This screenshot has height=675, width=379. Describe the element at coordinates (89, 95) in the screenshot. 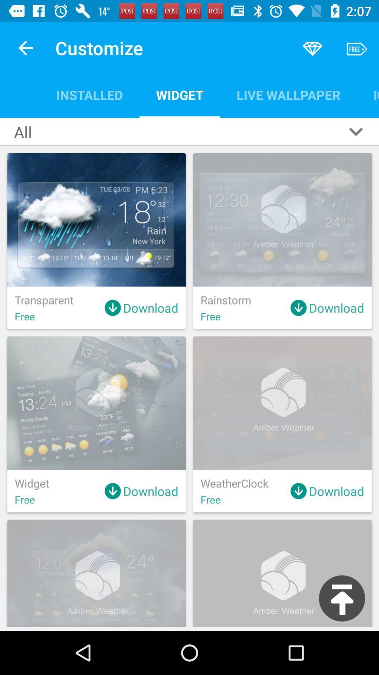

I see `icon next to the all item` at that location.